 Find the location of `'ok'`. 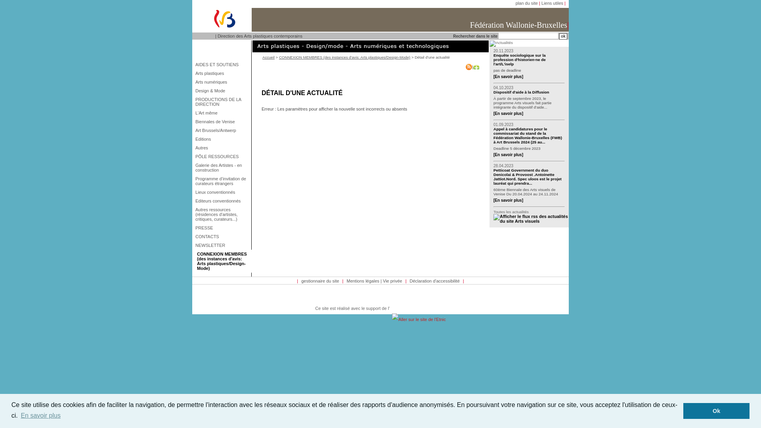

'ok' is located at coordinates (562, 36).